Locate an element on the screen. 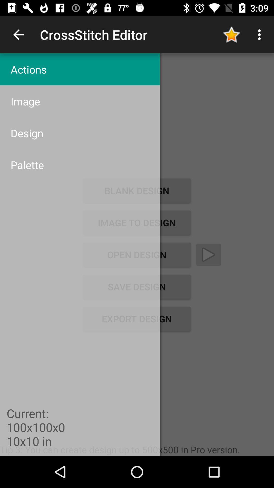  app next to crossstitch editor item is located at coordinates (18, 34).